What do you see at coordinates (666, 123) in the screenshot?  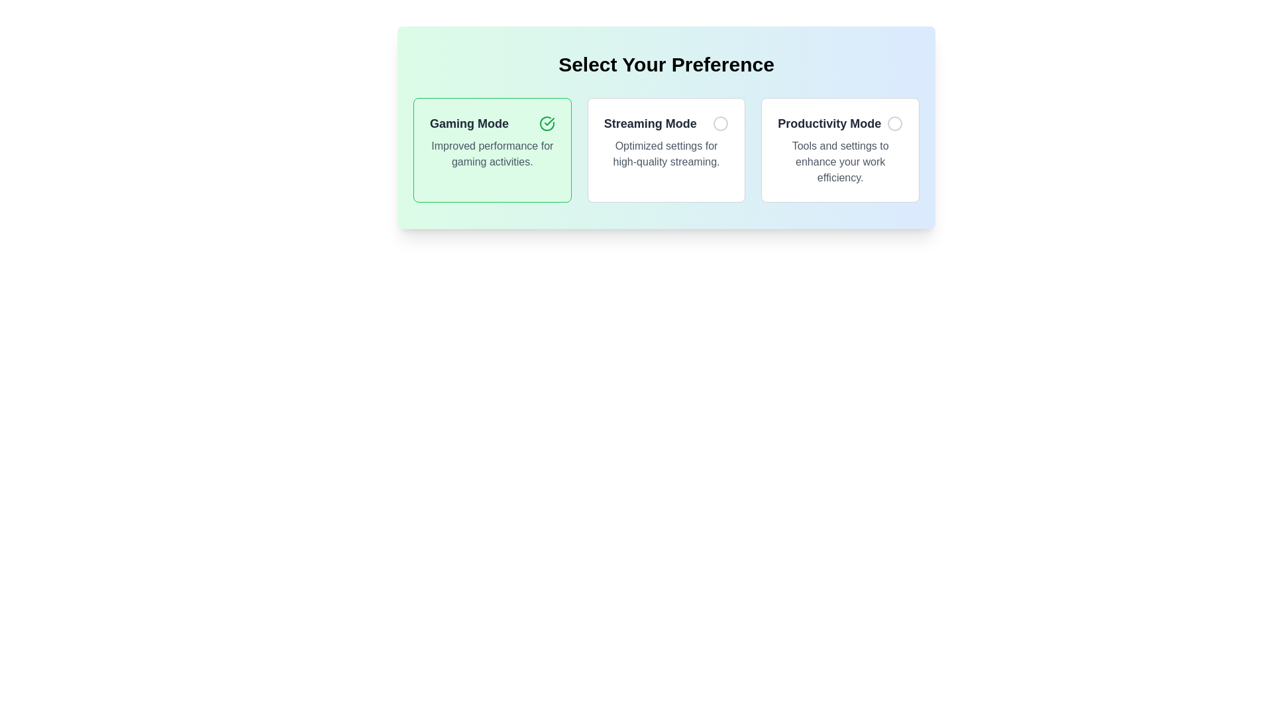 I see `the 'Streaming Mode' label or its accompanying icon, which is part of a card-like section displaying the text in bold, dark gray font and a circular icon outlined in light gray` at bounding box center [666, 123].